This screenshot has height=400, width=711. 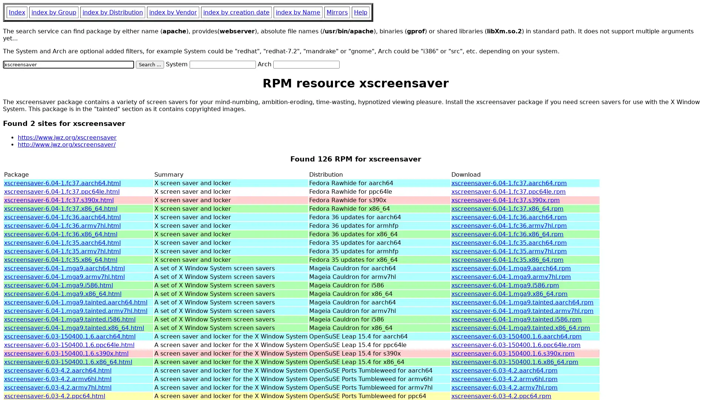 I want to click on Search ..., so click(x=149, y=64).